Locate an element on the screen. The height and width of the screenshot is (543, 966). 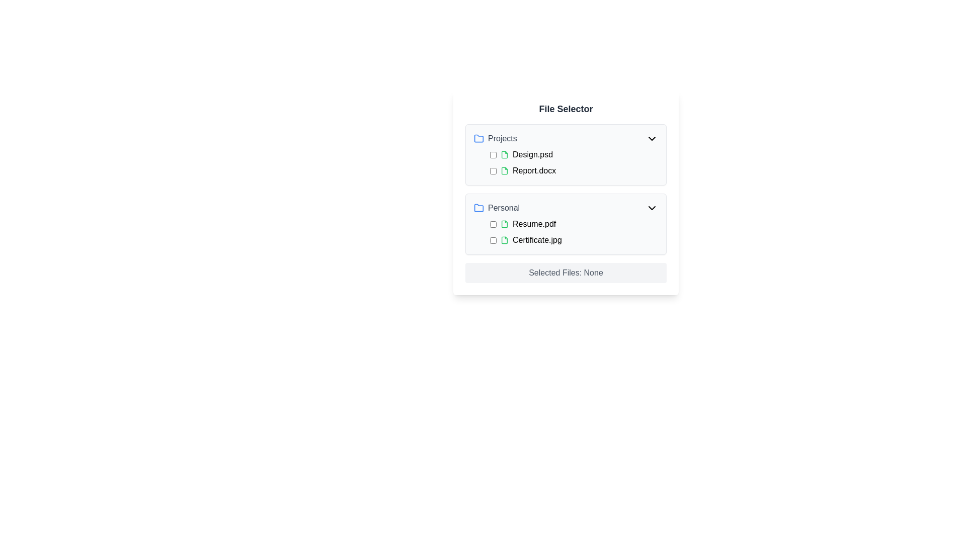
the folder icon representing the 'Projects' category in the File Selector interface, positioned to the left of the text 'Projects' is located at coordinates (478, 138).